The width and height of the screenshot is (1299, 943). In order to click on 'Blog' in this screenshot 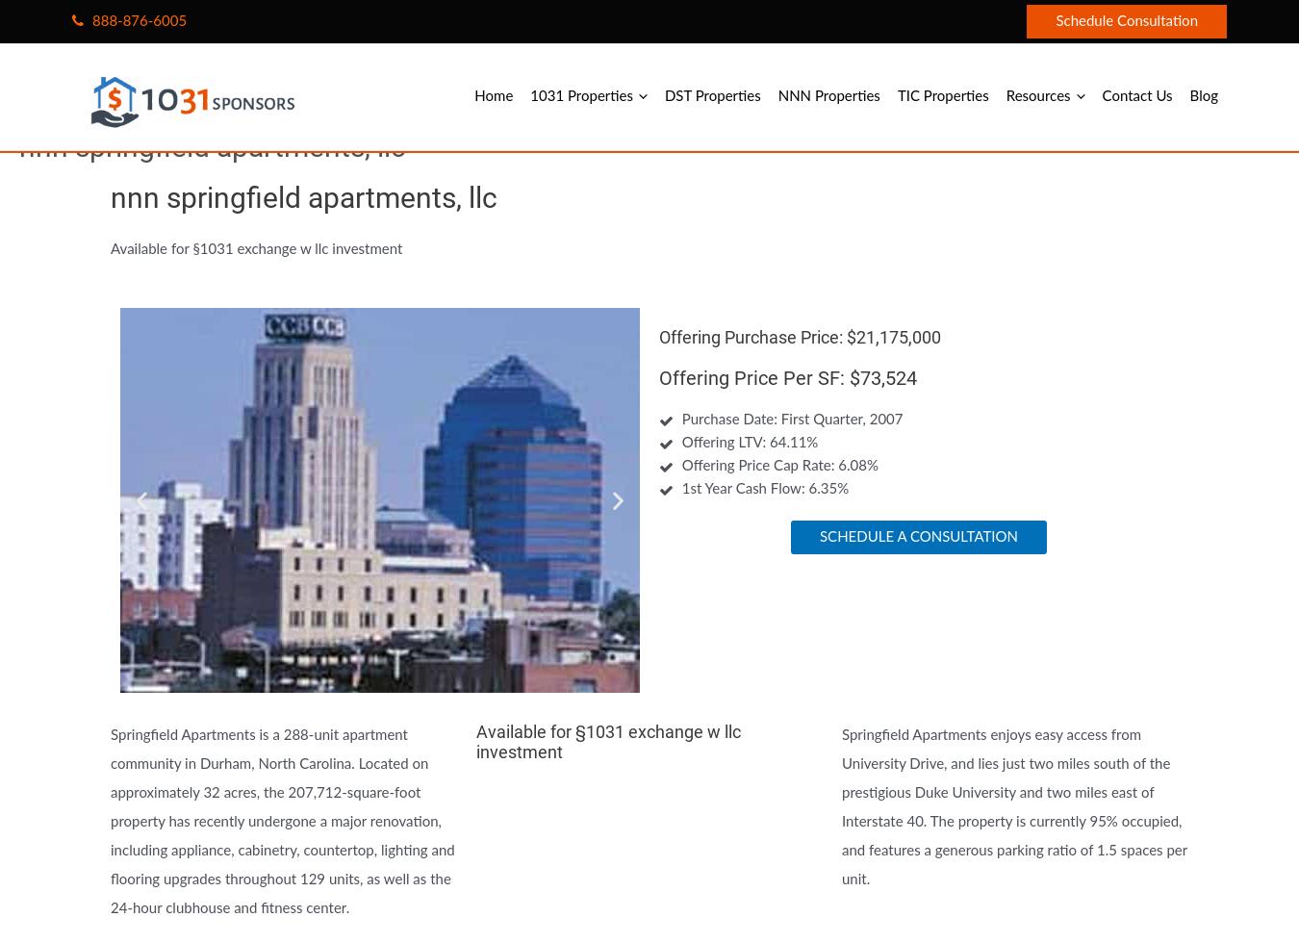, I will do `click(1204, 96)`.